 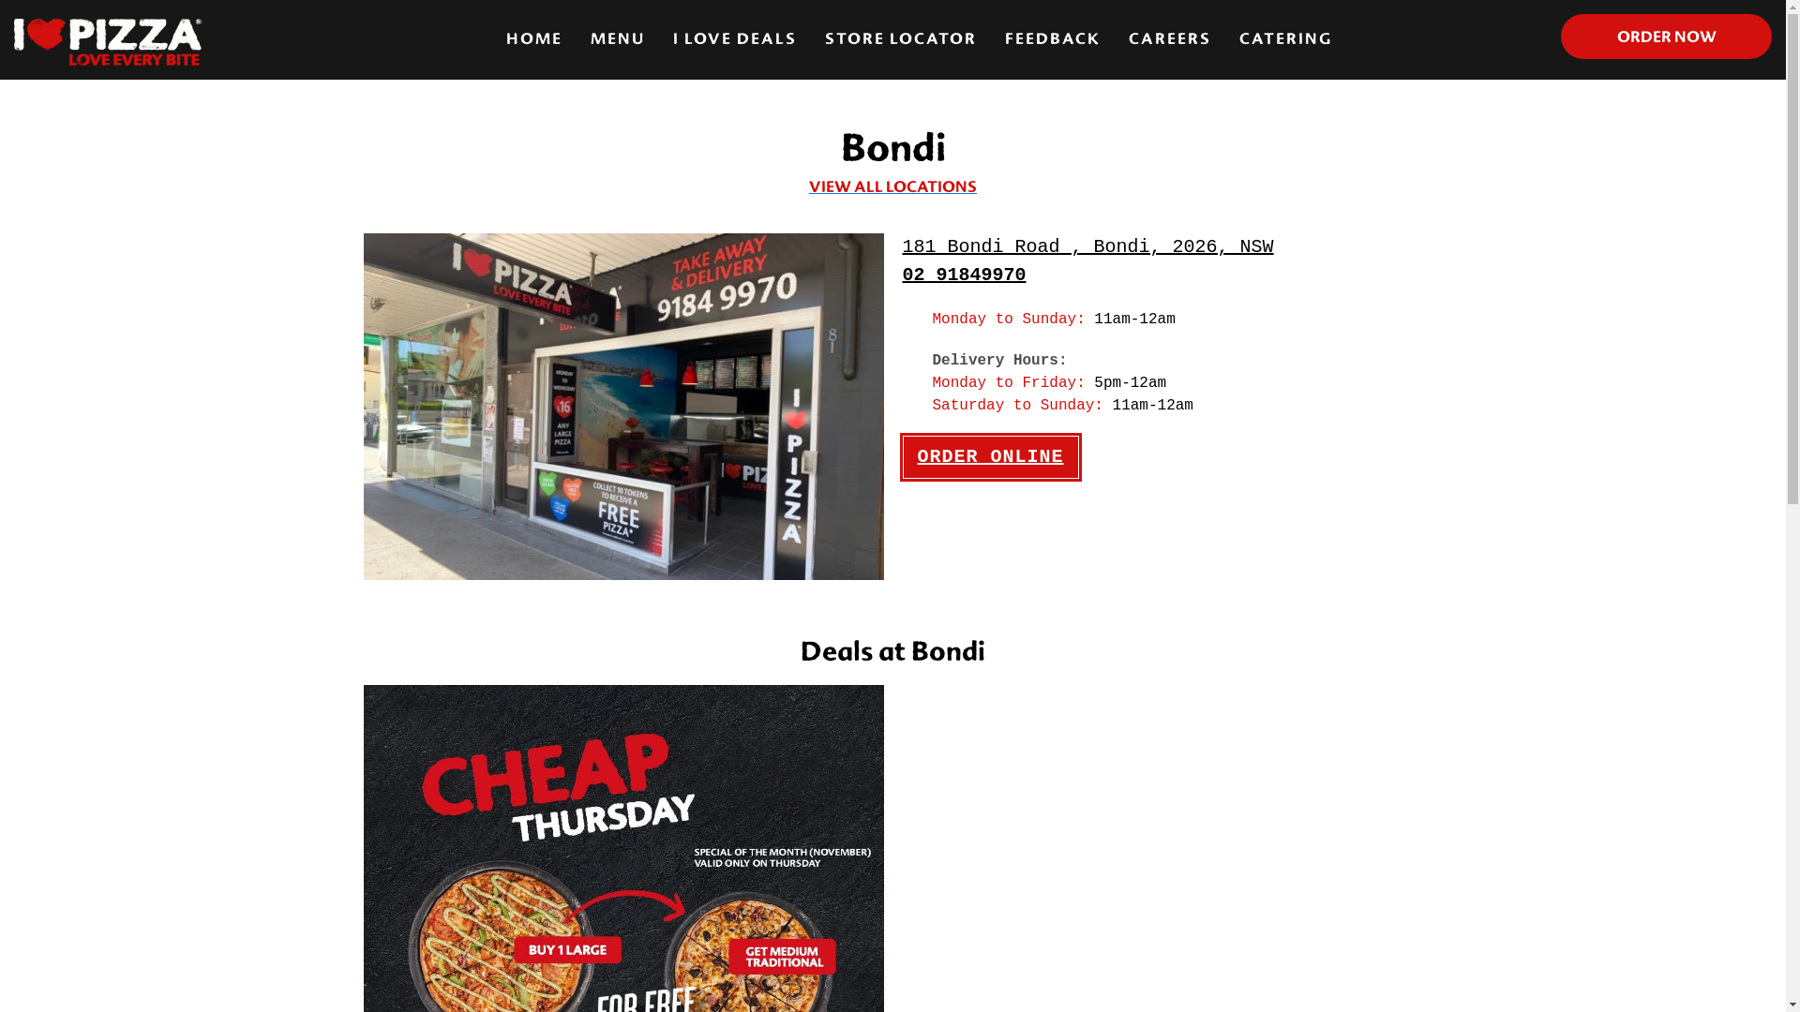 I want to click on 'MENU', so click(x=617, y=39).